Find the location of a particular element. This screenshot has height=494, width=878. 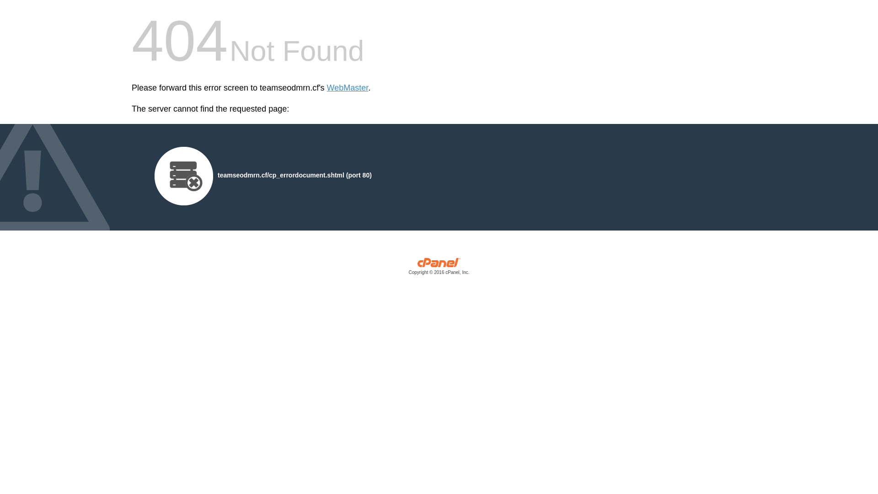

'WebMaster' is located at coordinates (347, 88).